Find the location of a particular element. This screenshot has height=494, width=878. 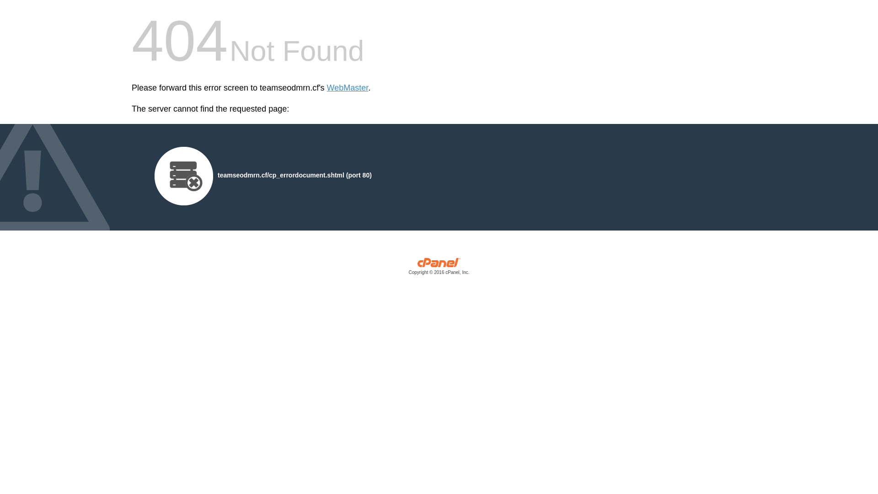

'WebMaster' is located at coordinates (347, 88).